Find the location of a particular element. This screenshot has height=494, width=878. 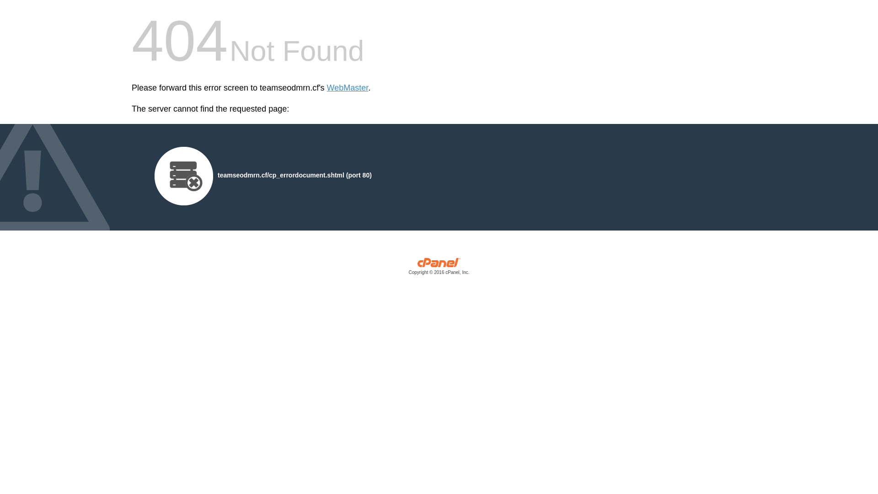

'WebMaster' is located at coordinates (347, 88).